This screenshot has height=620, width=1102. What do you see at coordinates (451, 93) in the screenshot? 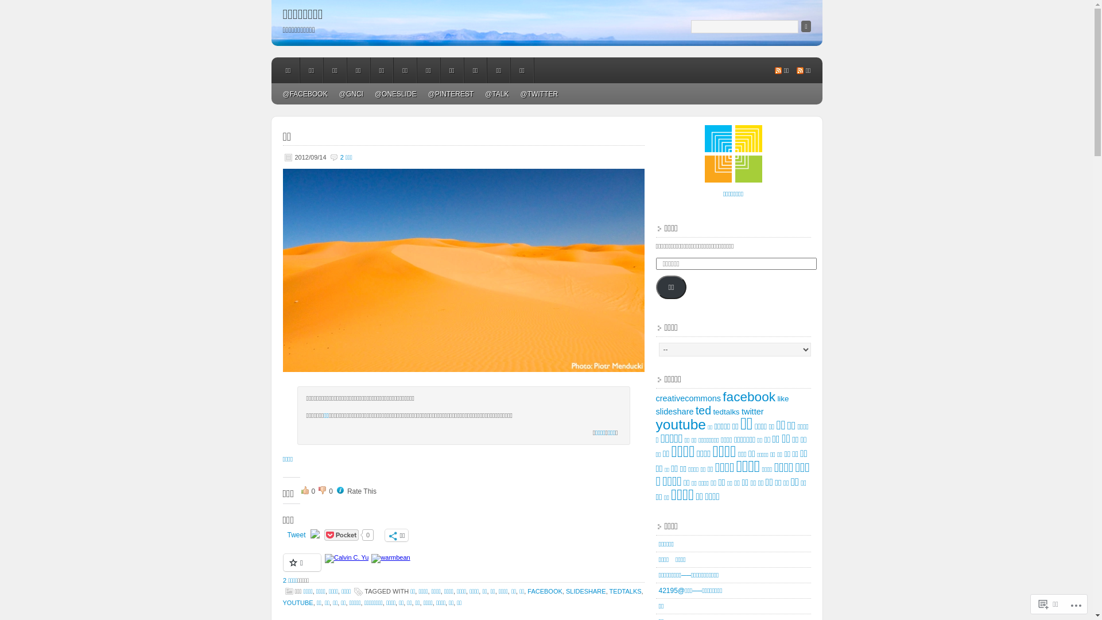
I see `'@PINTEREST'` at bounding box center [451, 93].